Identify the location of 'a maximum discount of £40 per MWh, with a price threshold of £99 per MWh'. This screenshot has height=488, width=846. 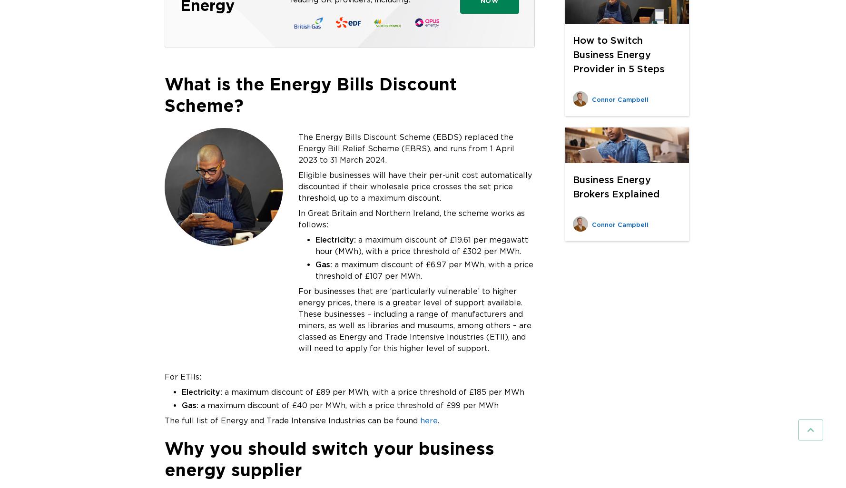
(348, 405).